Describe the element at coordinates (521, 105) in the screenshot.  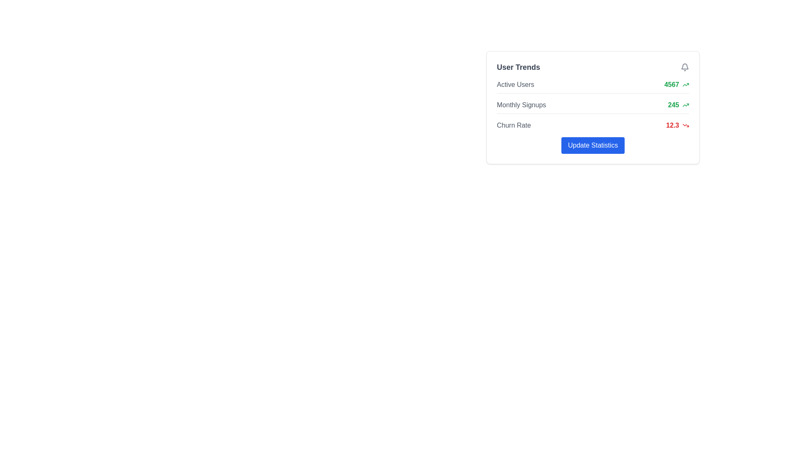
I see `the label that provides context for the numeric value '245' in the user trends section, specifically located in the second row under 'User Trends'` at that location.